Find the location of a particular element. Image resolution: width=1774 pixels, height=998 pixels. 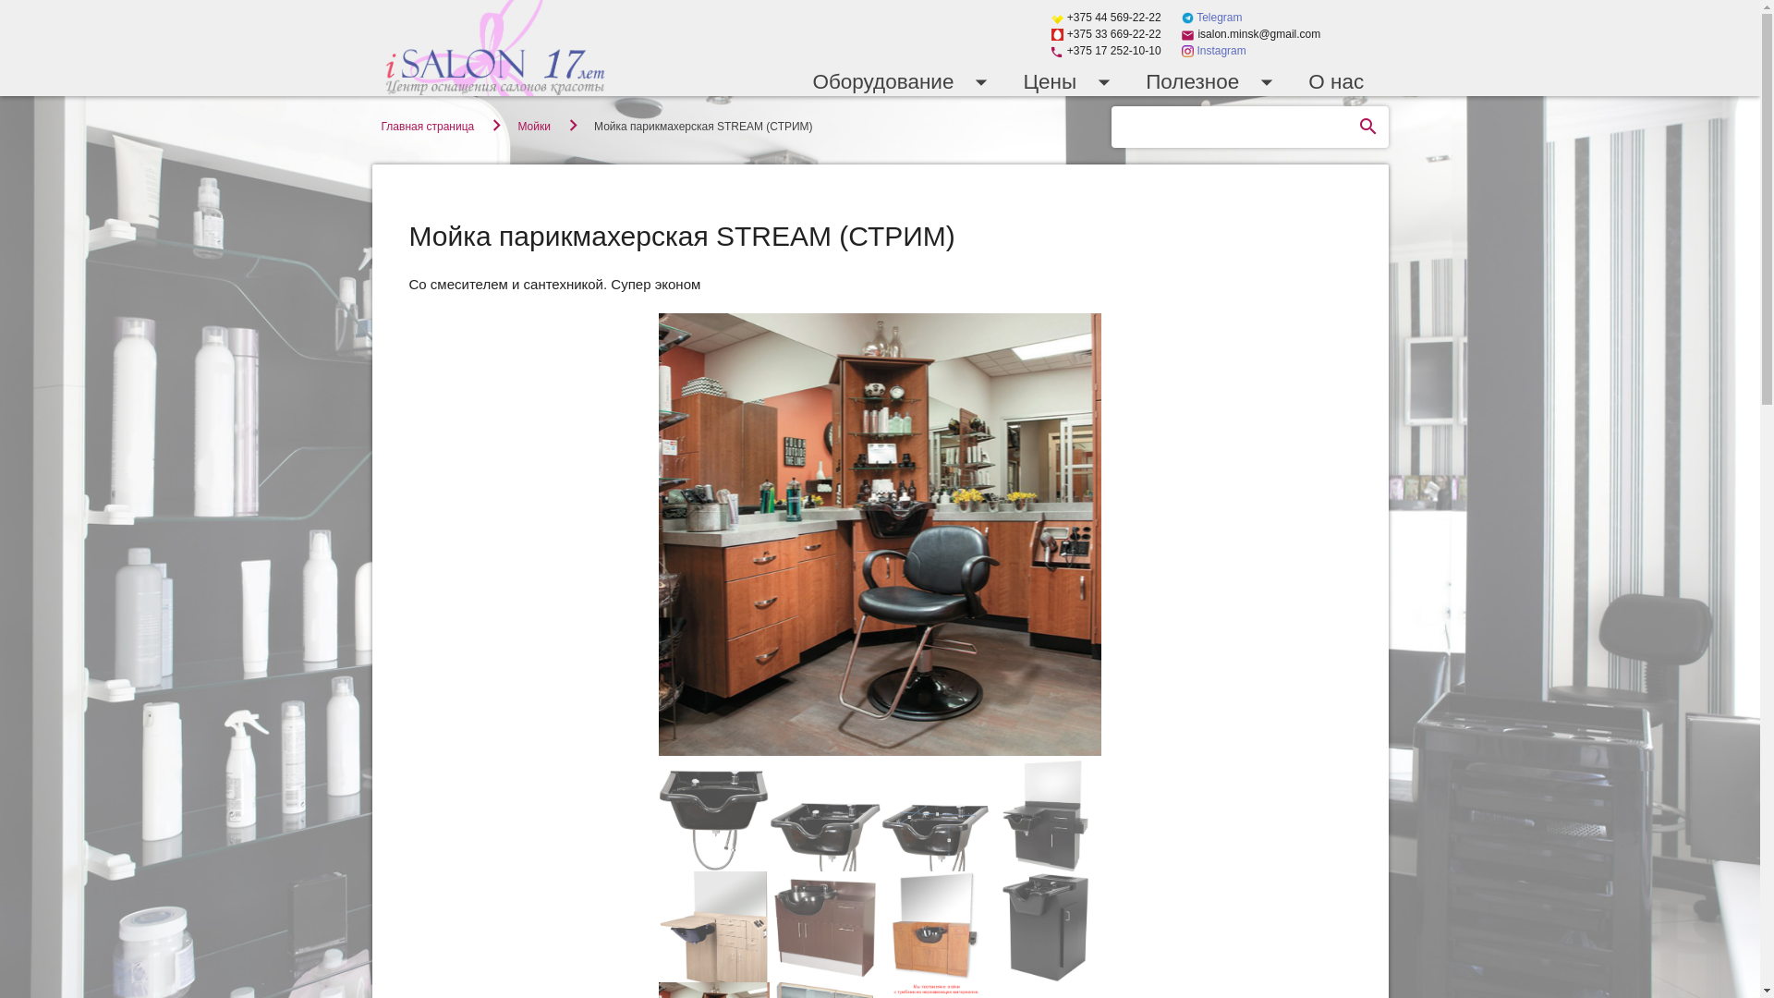

'Instagram' is located at coordinates (1214, 49).